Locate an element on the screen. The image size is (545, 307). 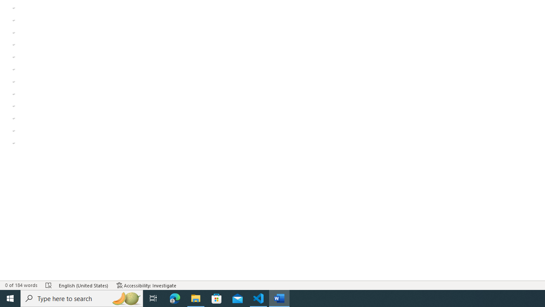
'Language English (United States)' is located at coordinates (83, 285).